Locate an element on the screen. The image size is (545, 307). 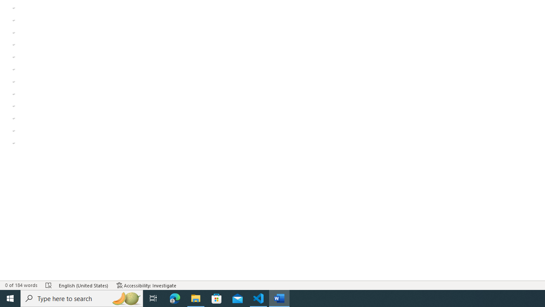
'Language English (United States)' is located at coordinates (83, 285).